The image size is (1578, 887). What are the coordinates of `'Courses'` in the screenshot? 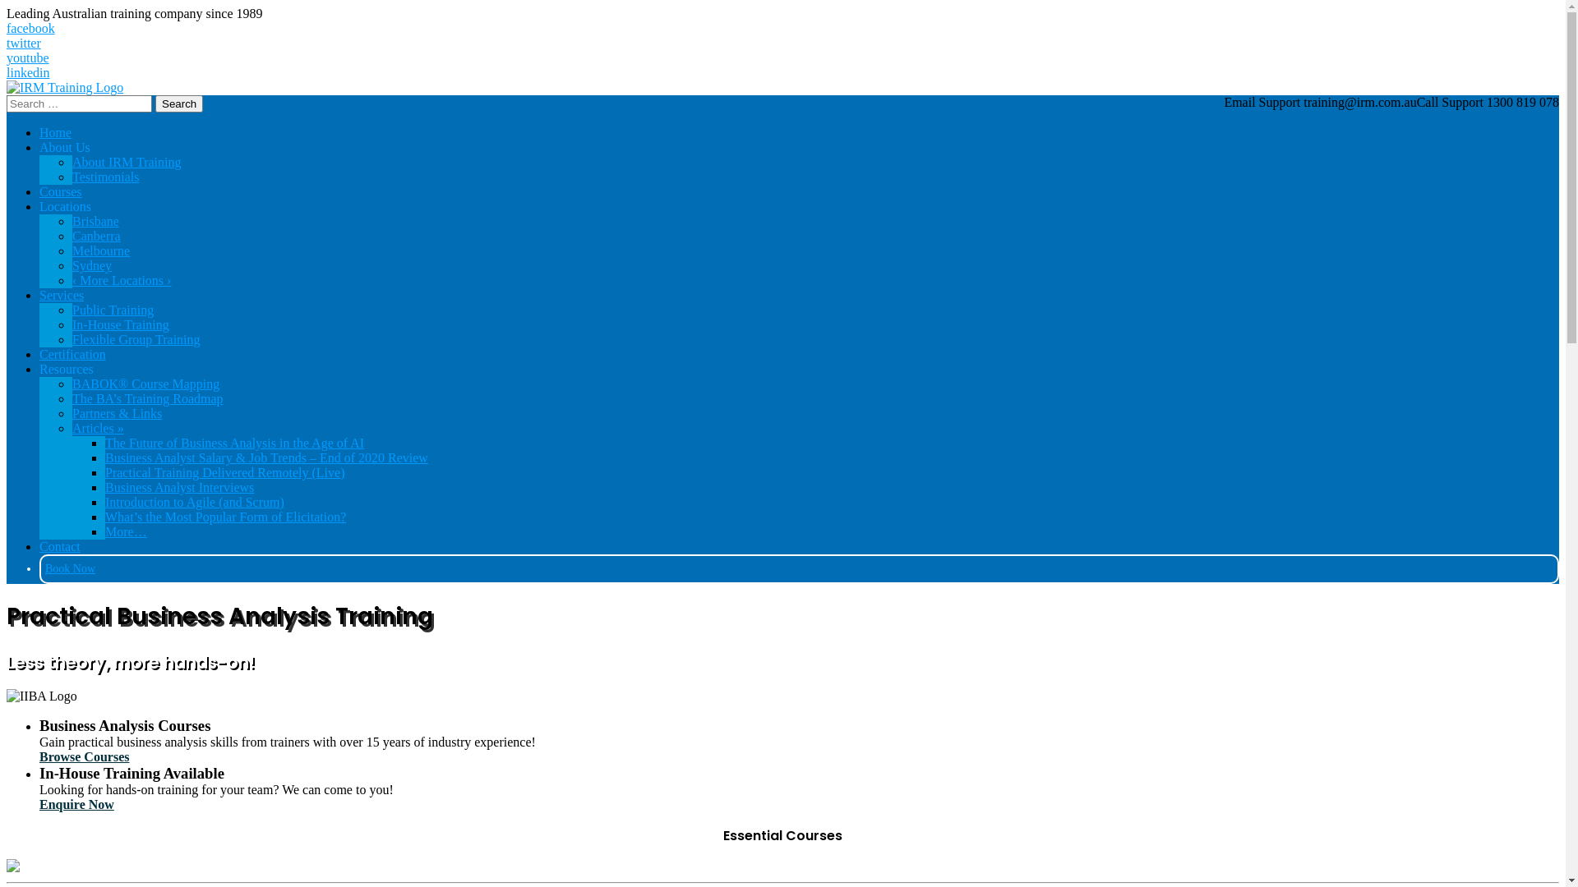 It's located at (60, 191).